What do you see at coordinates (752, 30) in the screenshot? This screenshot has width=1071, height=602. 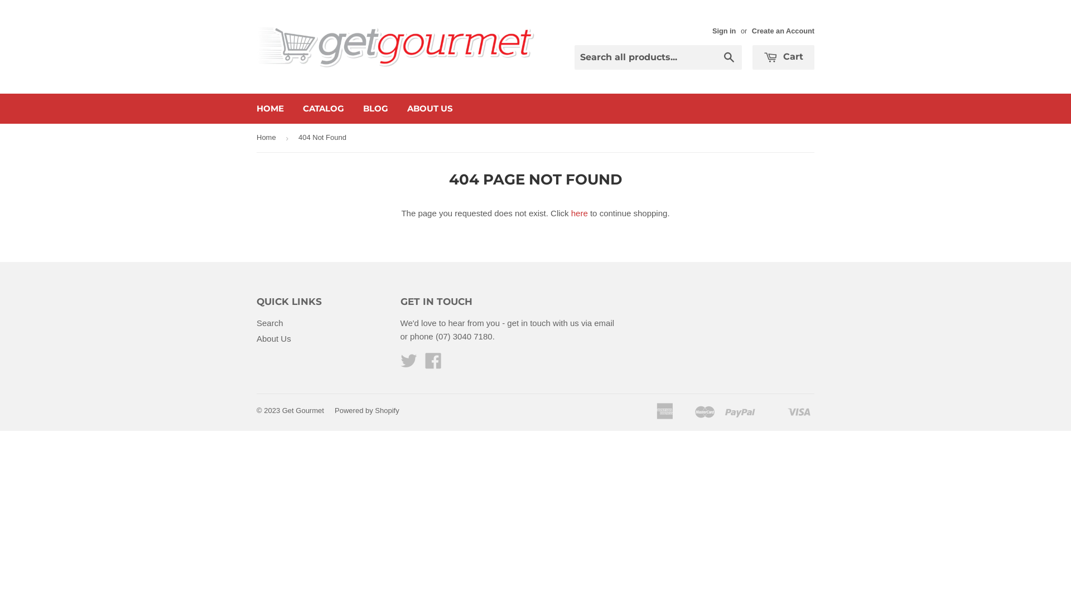 I see `'Create an Account'` at bounding box center [752, 30].